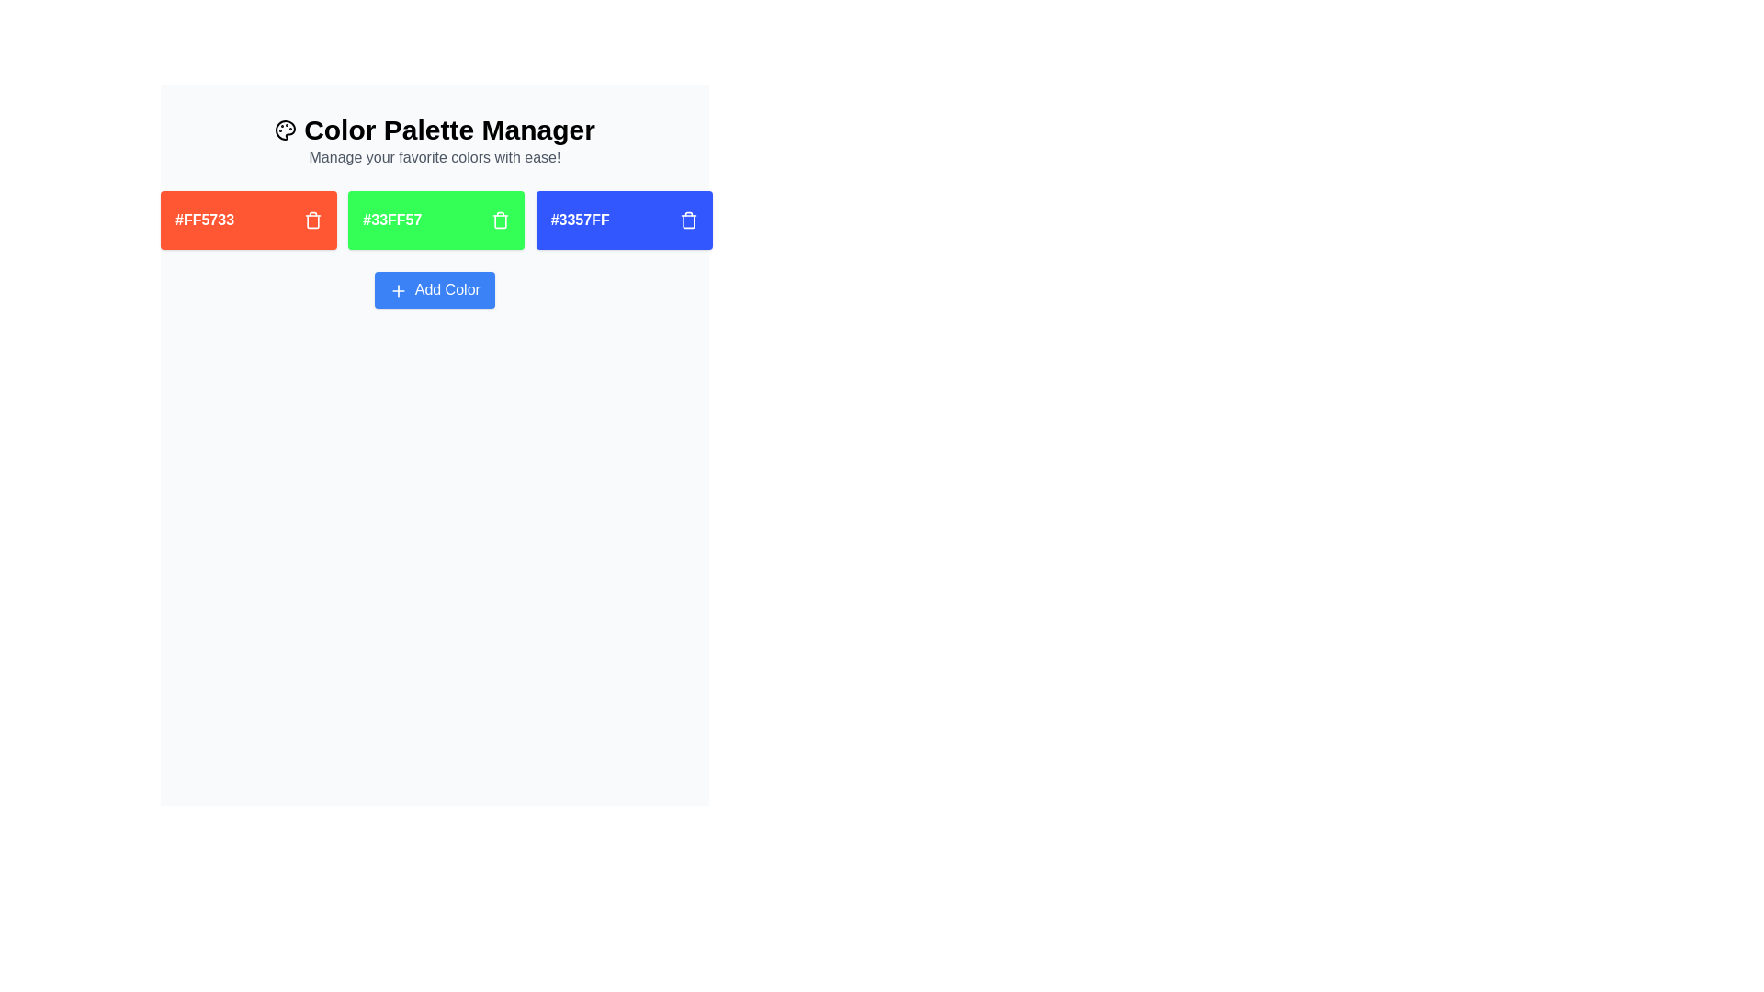 This screenshot has width=1764, height=992. What do you see at coordinates (687, 220) in the screenshot?
I see `the trash icon indicating deletion for the color palette entry, located to the right of the blue box labeled '#3357FF'` at bounding box center [687, 220].